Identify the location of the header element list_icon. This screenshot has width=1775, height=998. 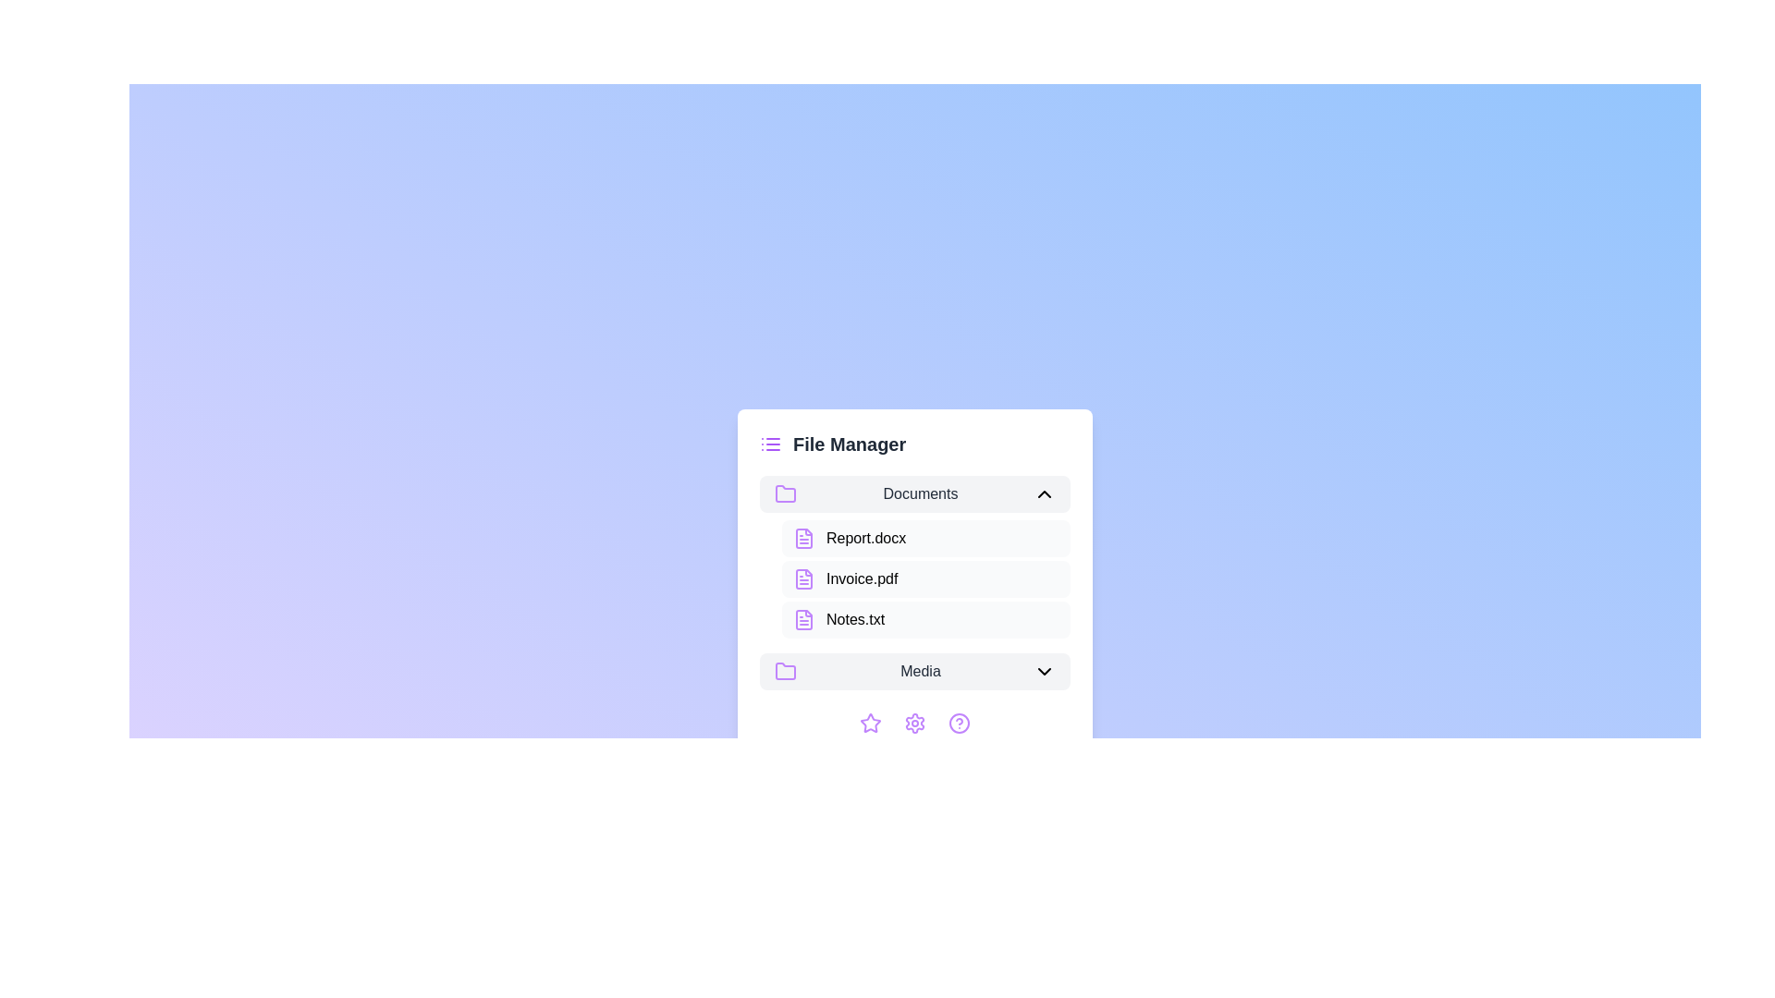
(771, 444).